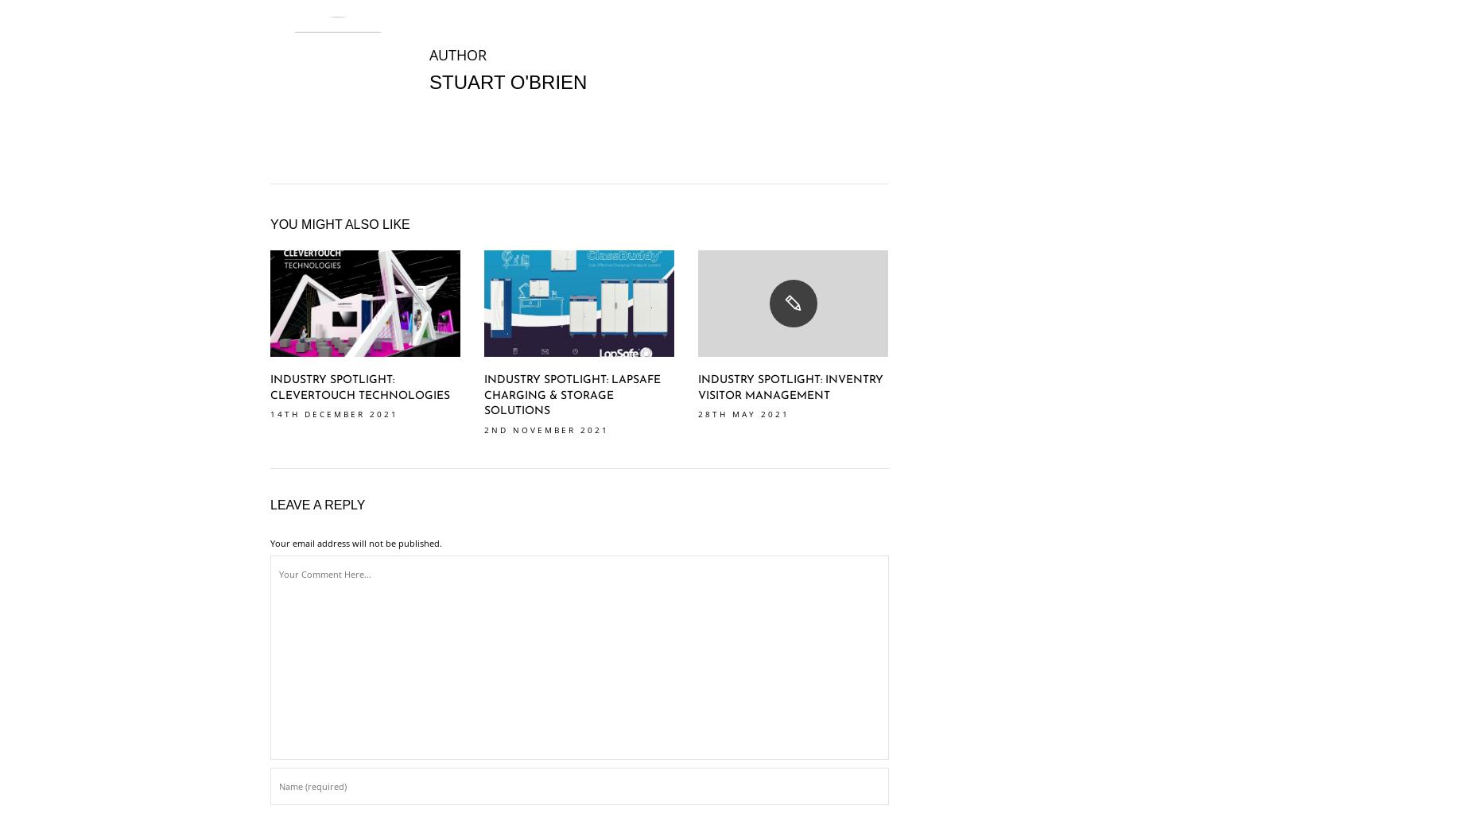 Image resolution: width=1471 pixels, height=817 pixels. I want to click on '2nd November 2021', so click(546, 429).